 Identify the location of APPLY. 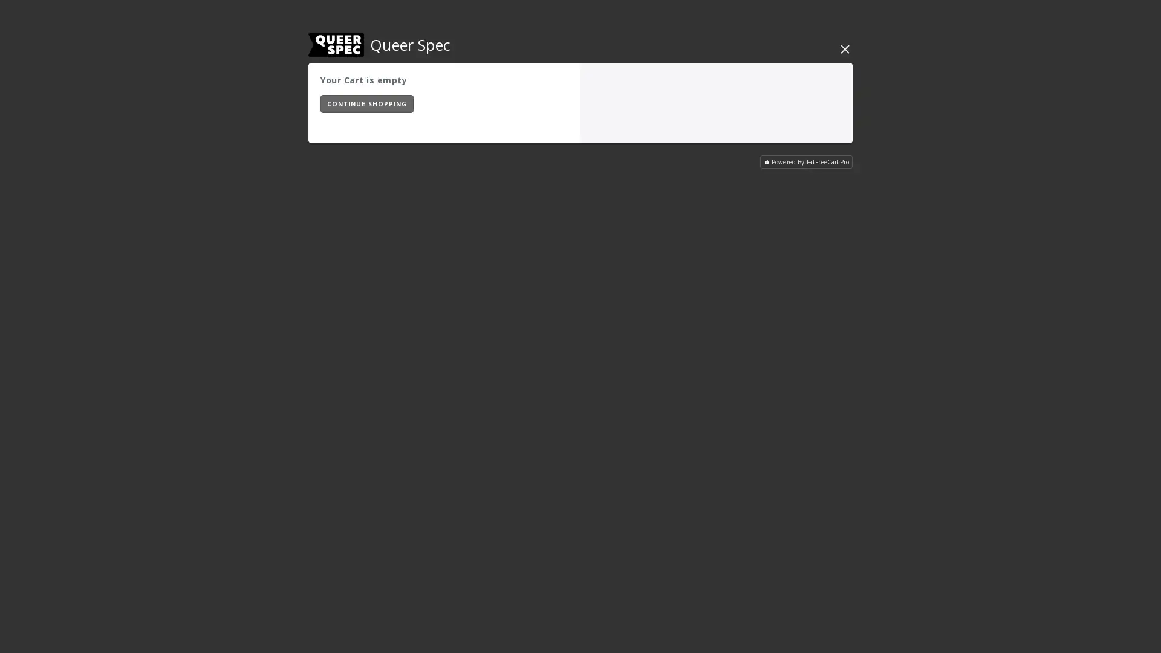
(537, 102).